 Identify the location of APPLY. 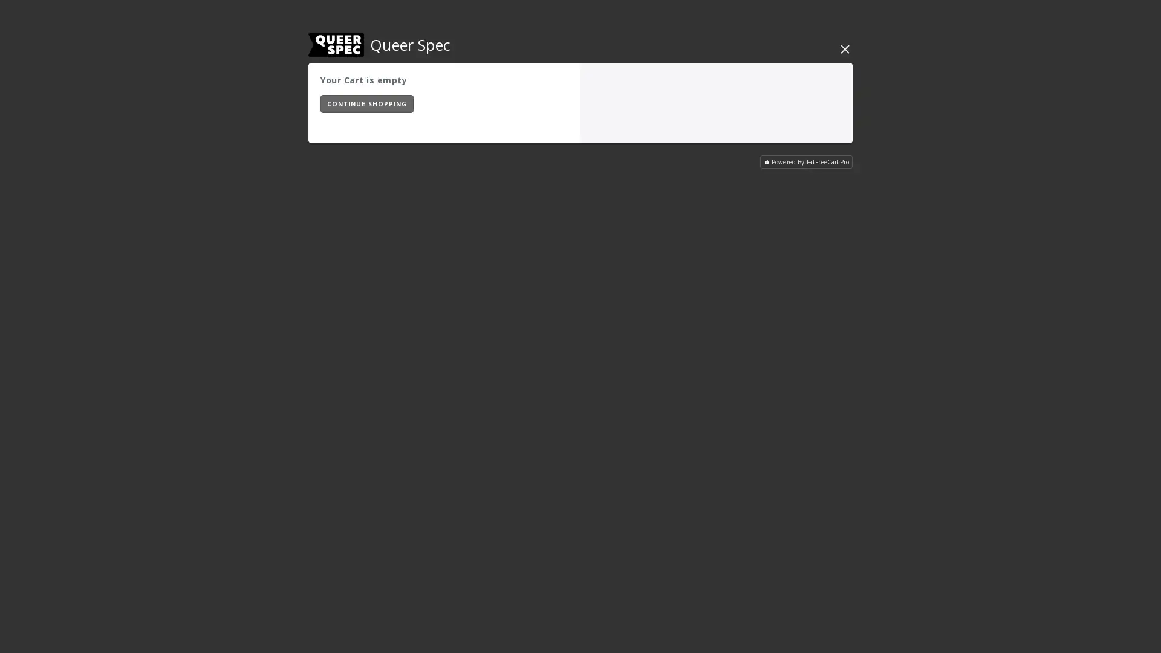
(537, 102).